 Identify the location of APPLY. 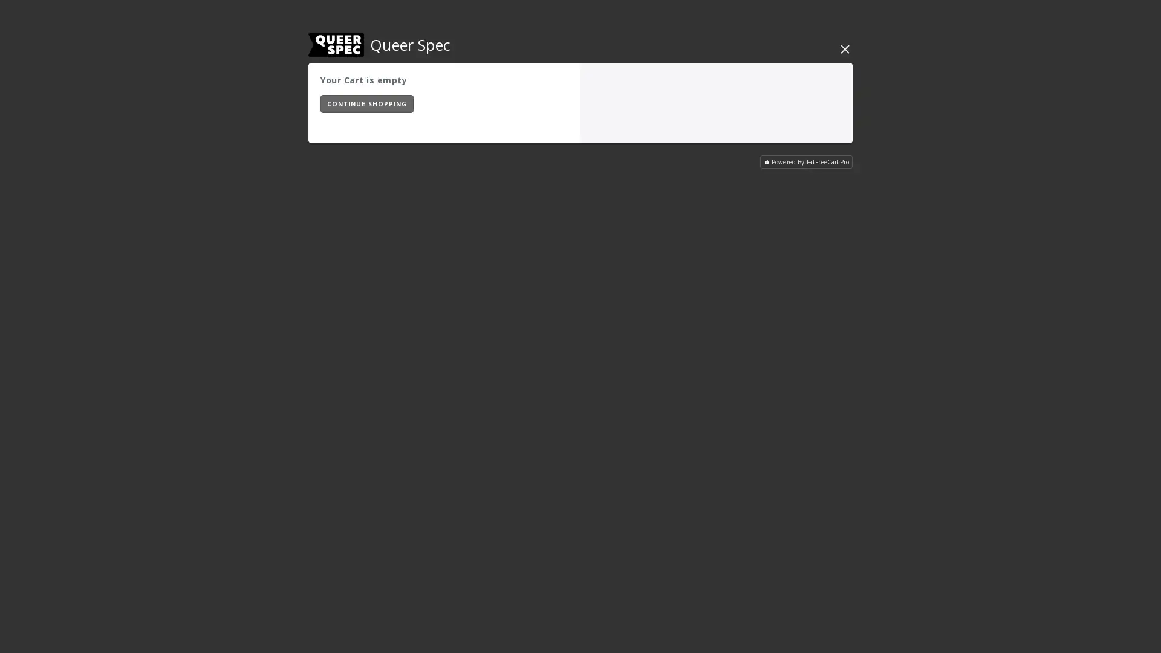
(537, 102).